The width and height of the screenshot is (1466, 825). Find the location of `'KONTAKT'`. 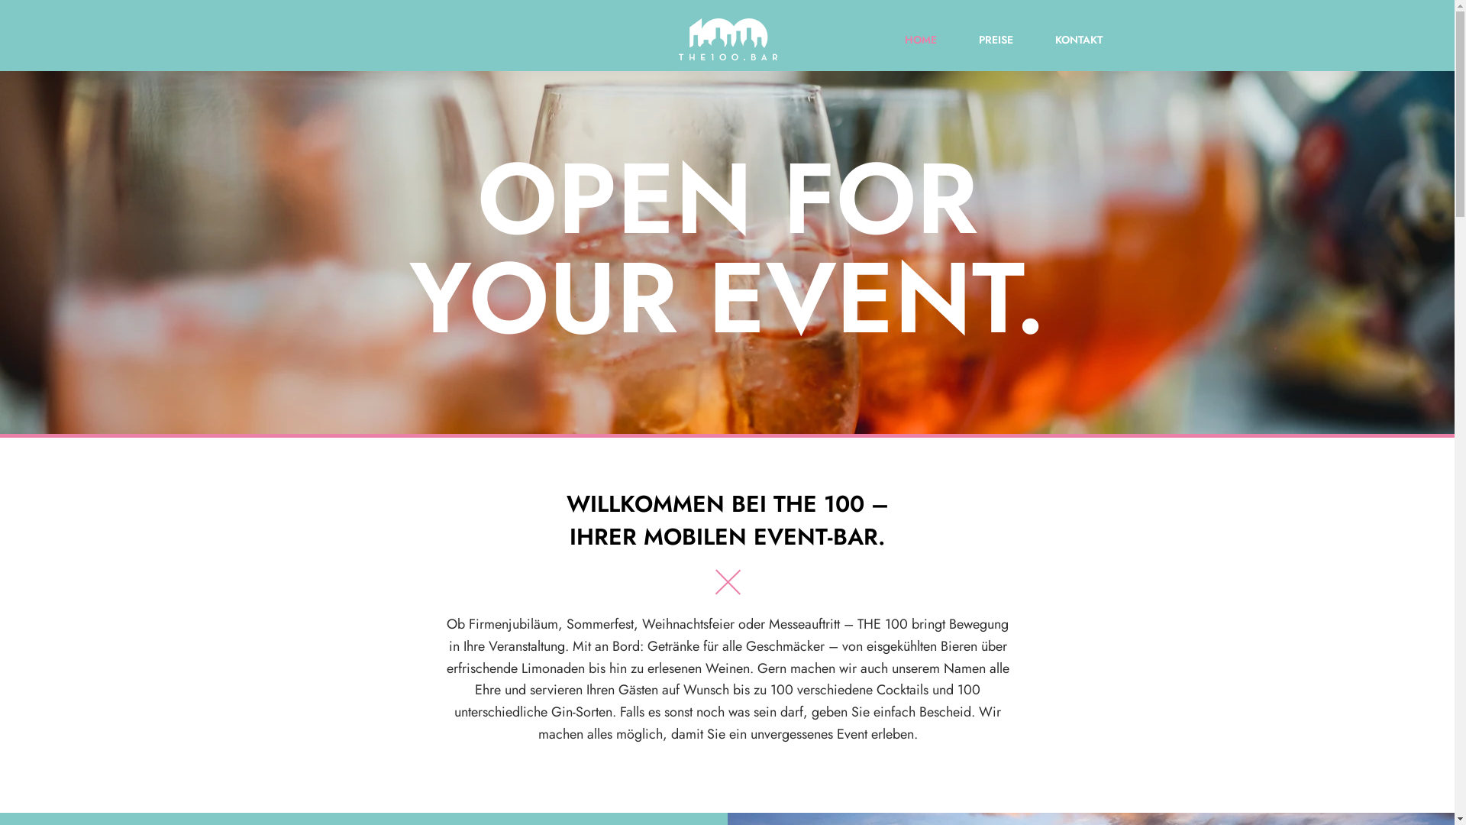

'KONTAKT' is located at coordinates (1064, 38).